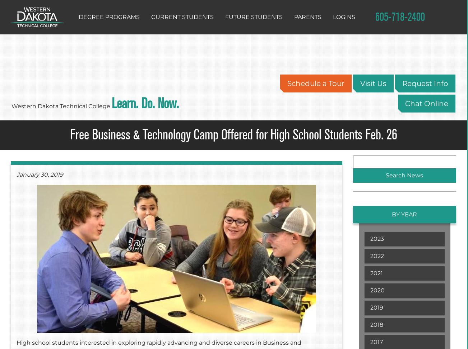 This screenshot has width=468, height=349. I want to click on 'Schedule a Tour', so click(287, 83).